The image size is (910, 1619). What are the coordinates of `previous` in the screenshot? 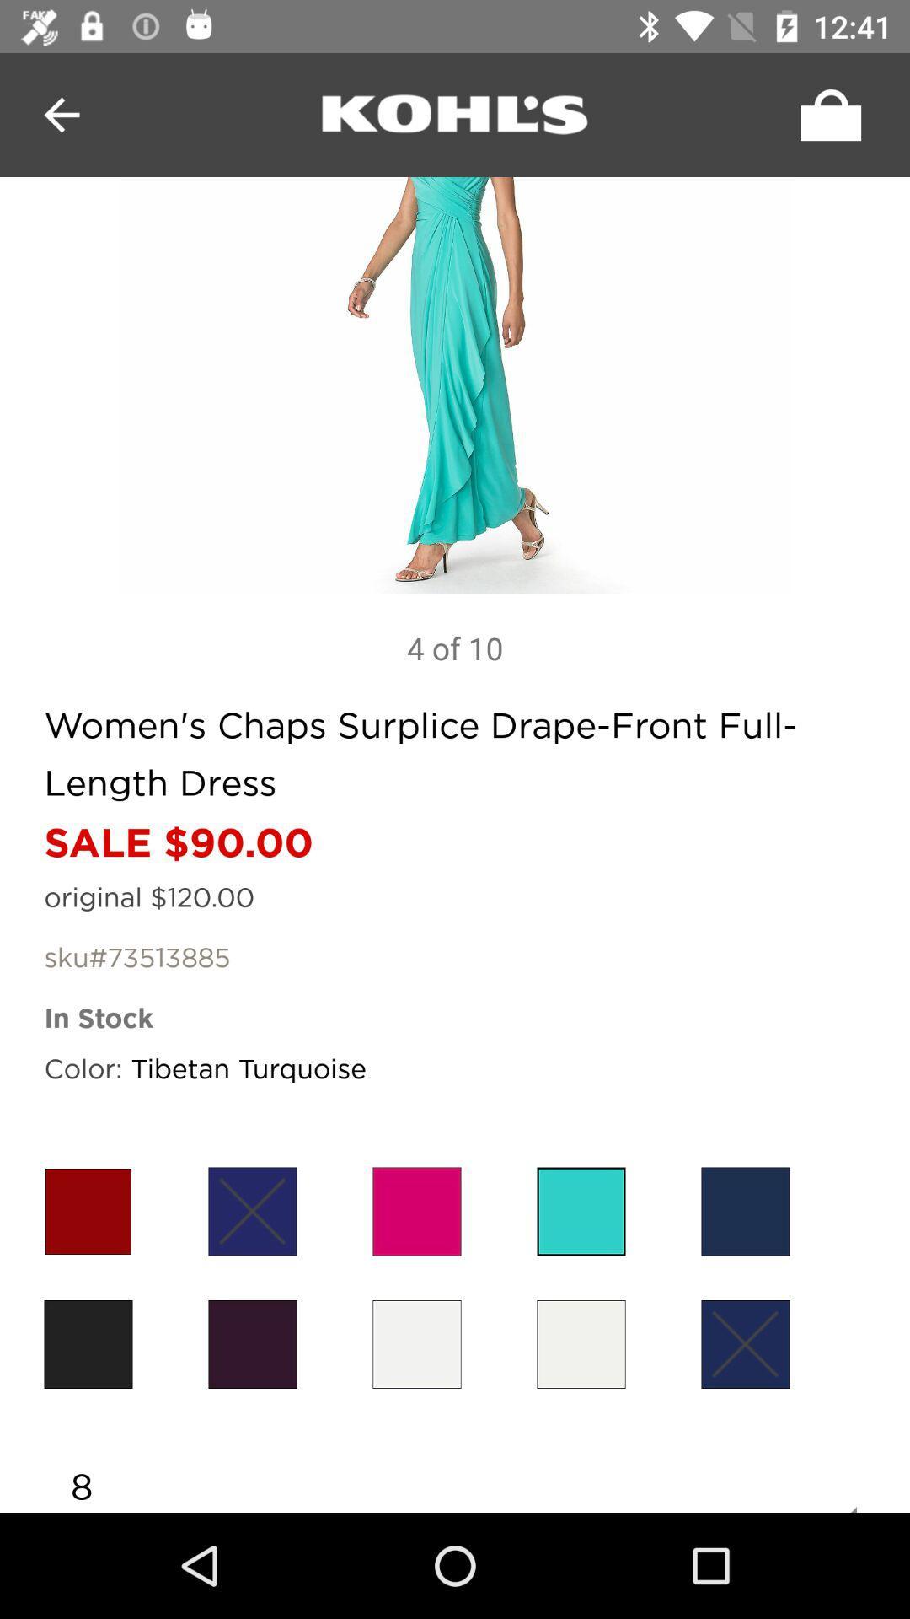 It's located at (61, 114).